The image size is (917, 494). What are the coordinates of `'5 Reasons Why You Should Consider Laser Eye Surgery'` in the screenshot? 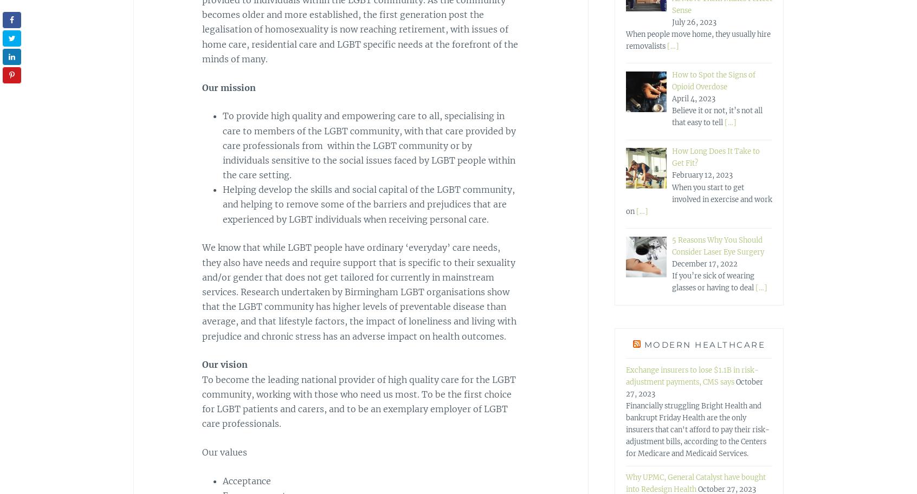 It's located at (716, 245).